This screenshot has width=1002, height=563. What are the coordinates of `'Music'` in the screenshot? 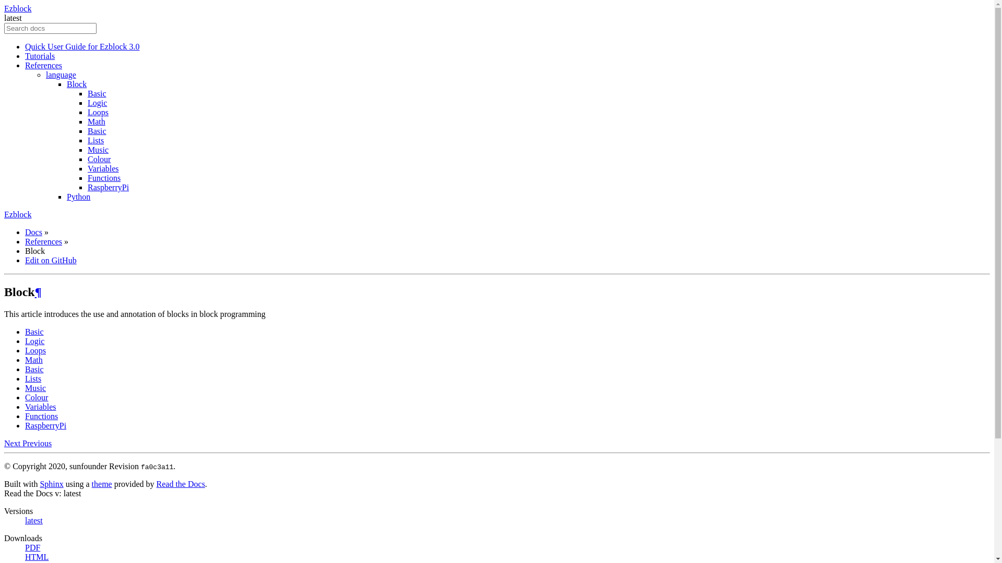 It's located at (98, 150).